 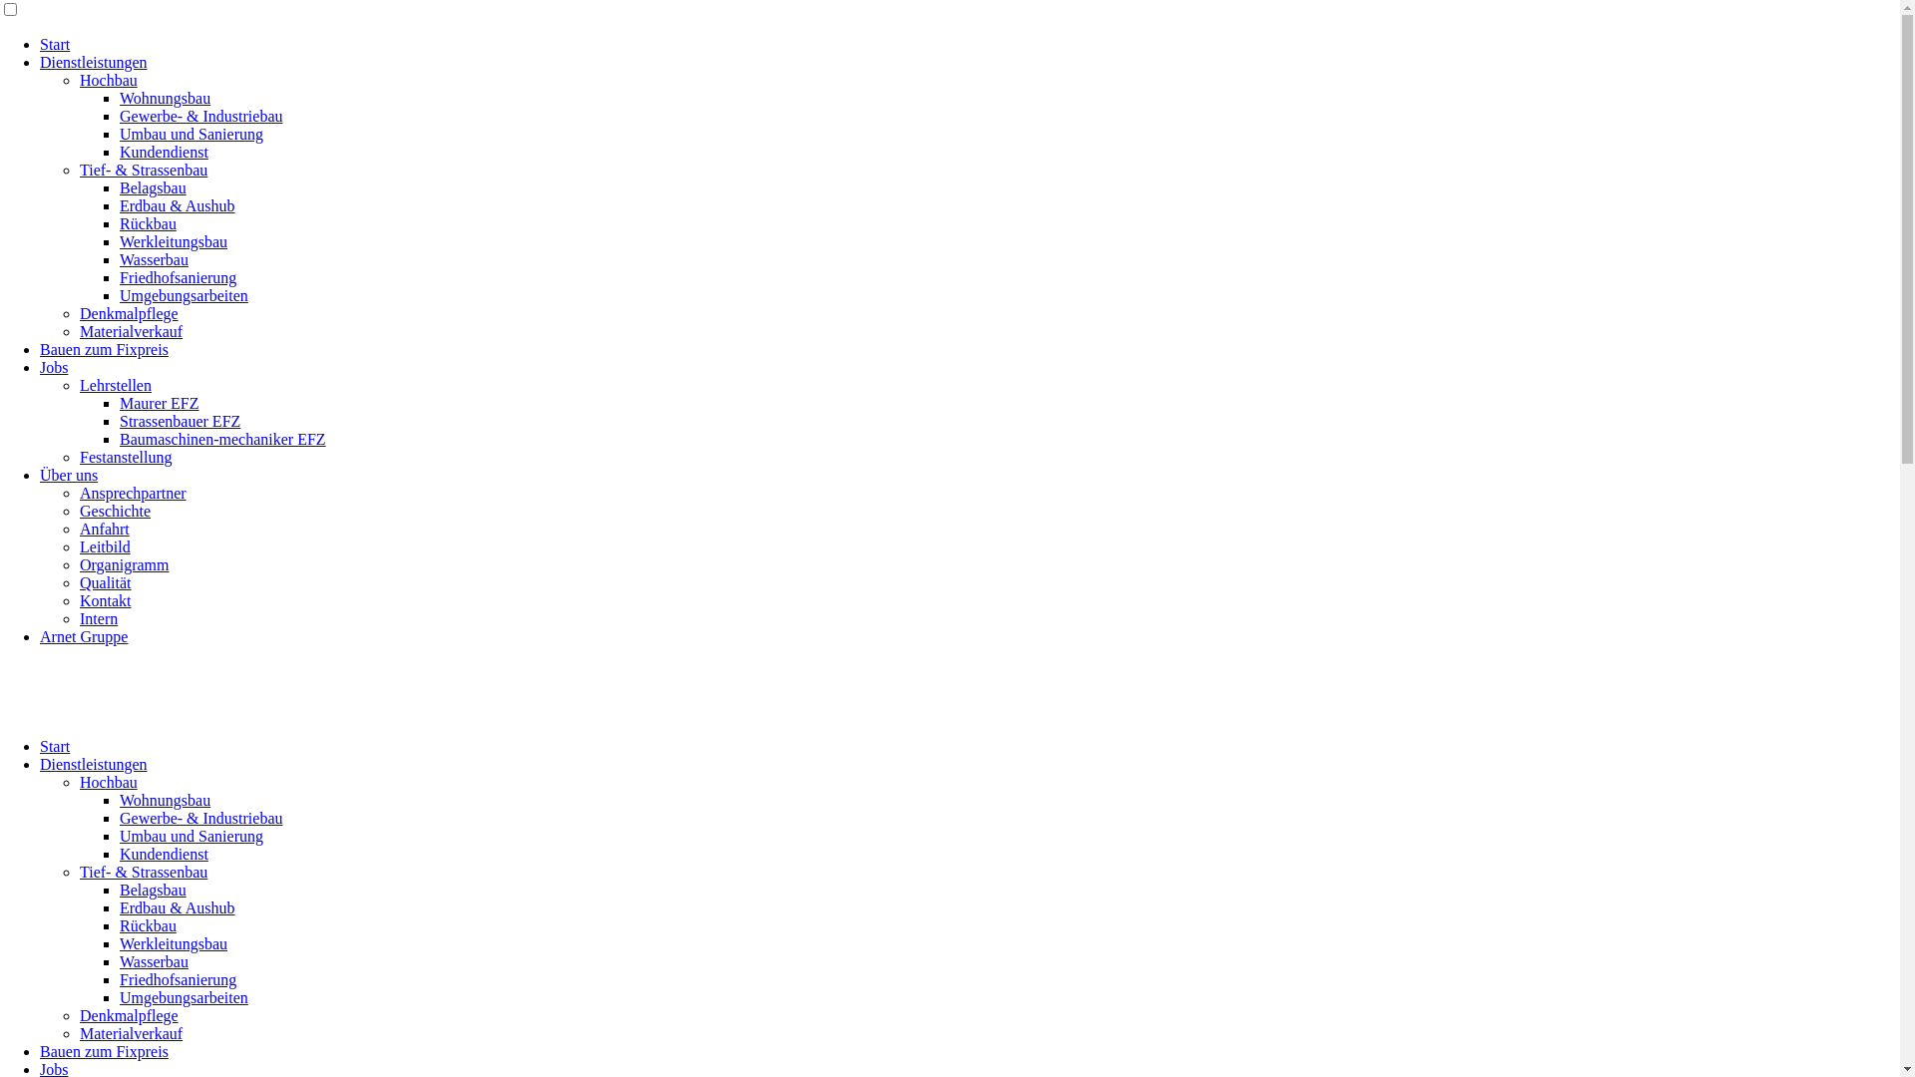 What do you see at coordinates (114, 385) in the screenshot?
I see `'Lehrstellen'` at bounding box center [114, 385].